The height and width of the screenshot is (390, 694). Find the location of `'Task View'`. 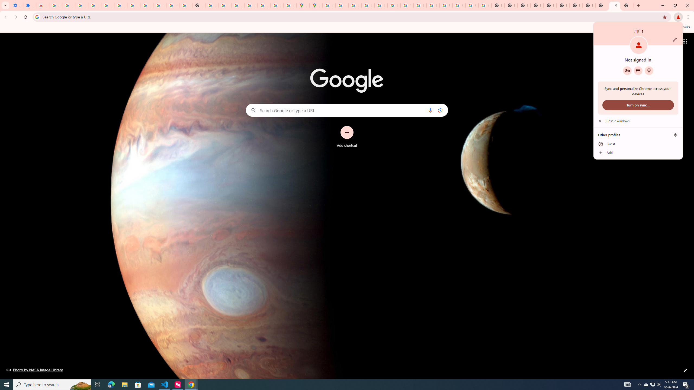

'Task View' is located at coordinates (97, 384).